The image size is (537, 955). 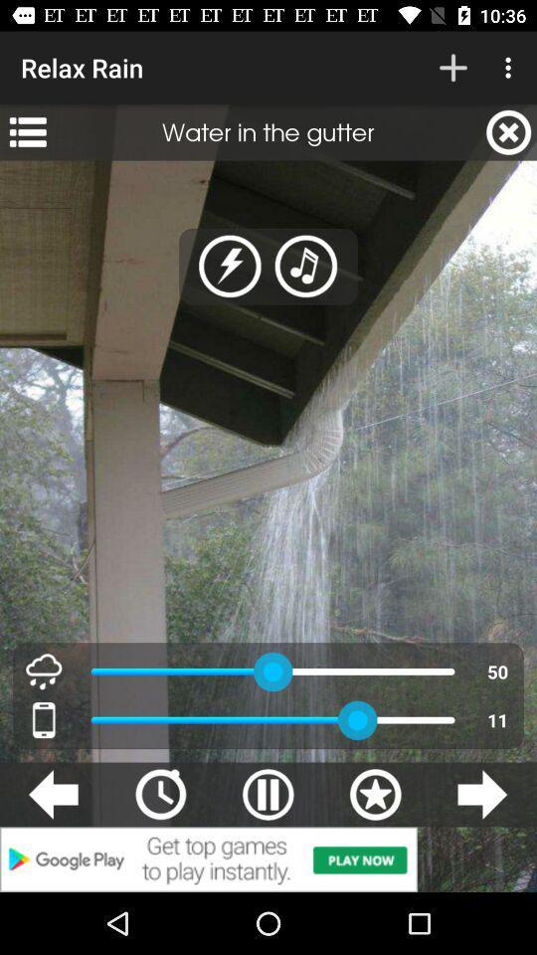 I want to click on item to the right of the water in the app, so click(x=508, y=131).